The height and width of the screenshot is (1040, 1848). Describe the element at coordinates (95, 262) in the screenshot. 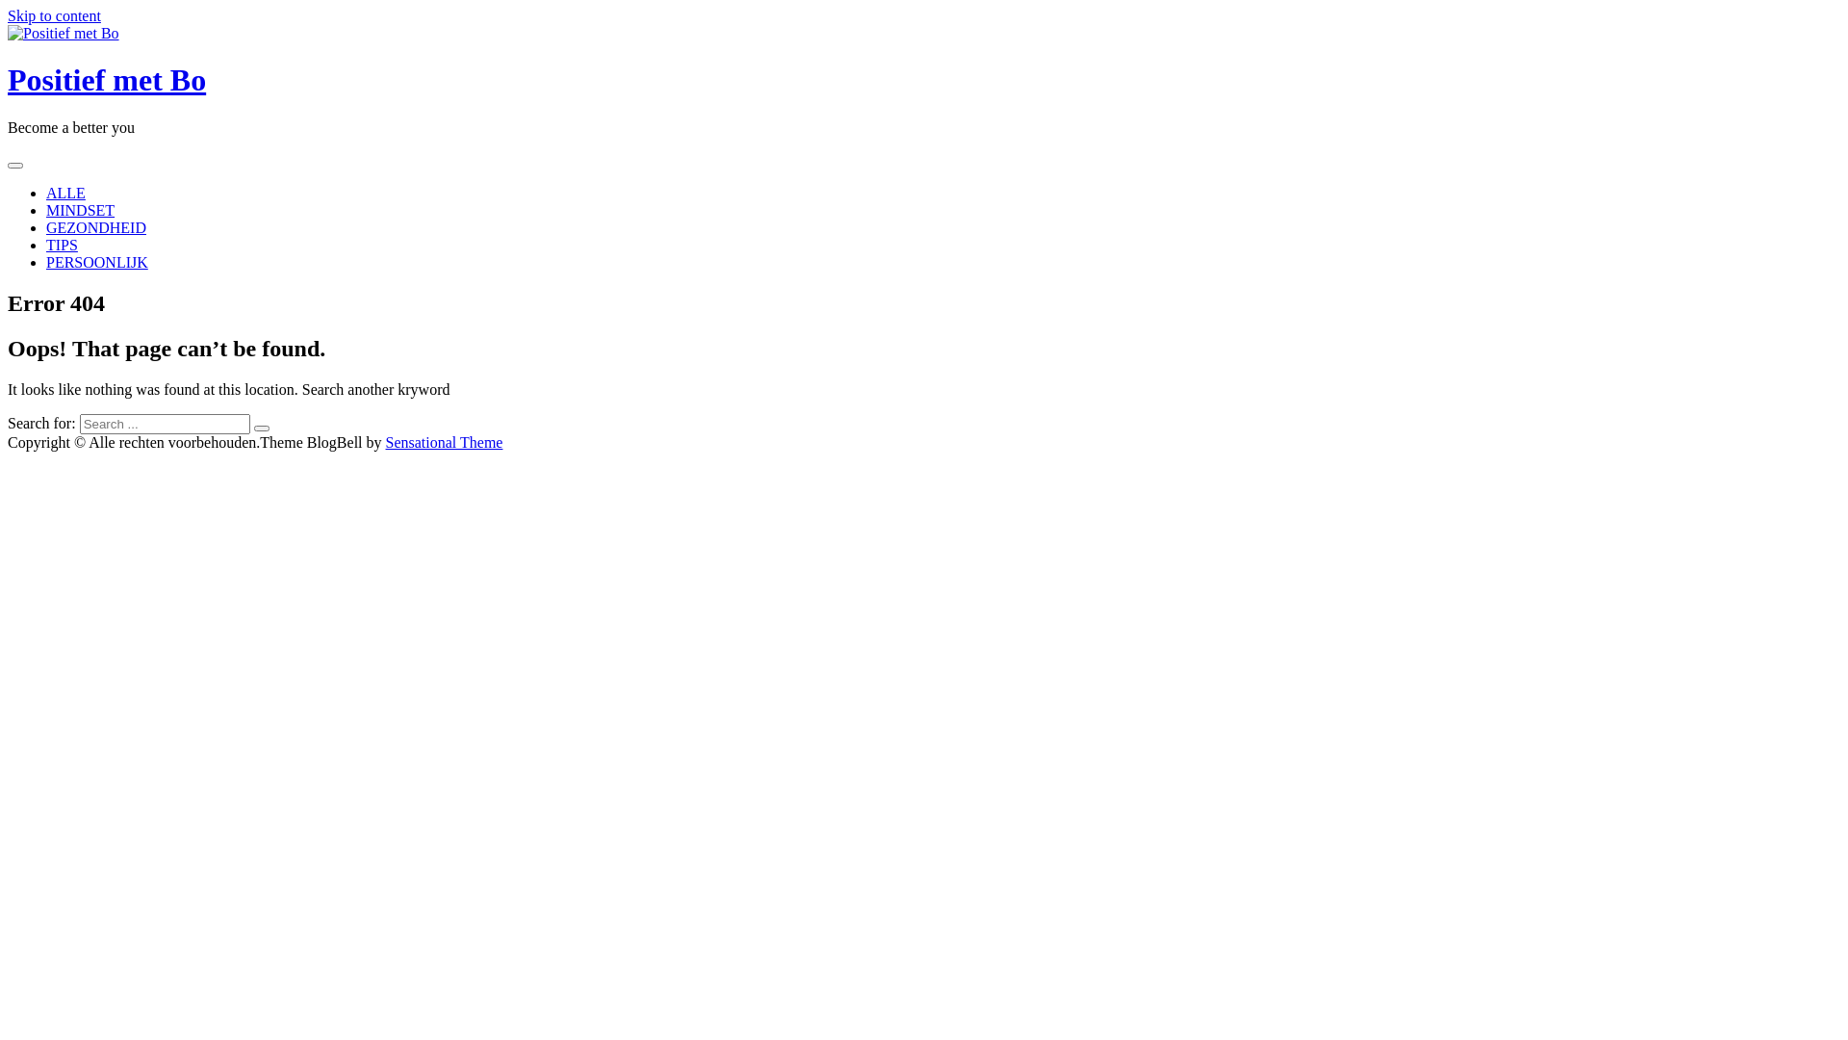

I see `'PERSOONLIJK'` at that location.